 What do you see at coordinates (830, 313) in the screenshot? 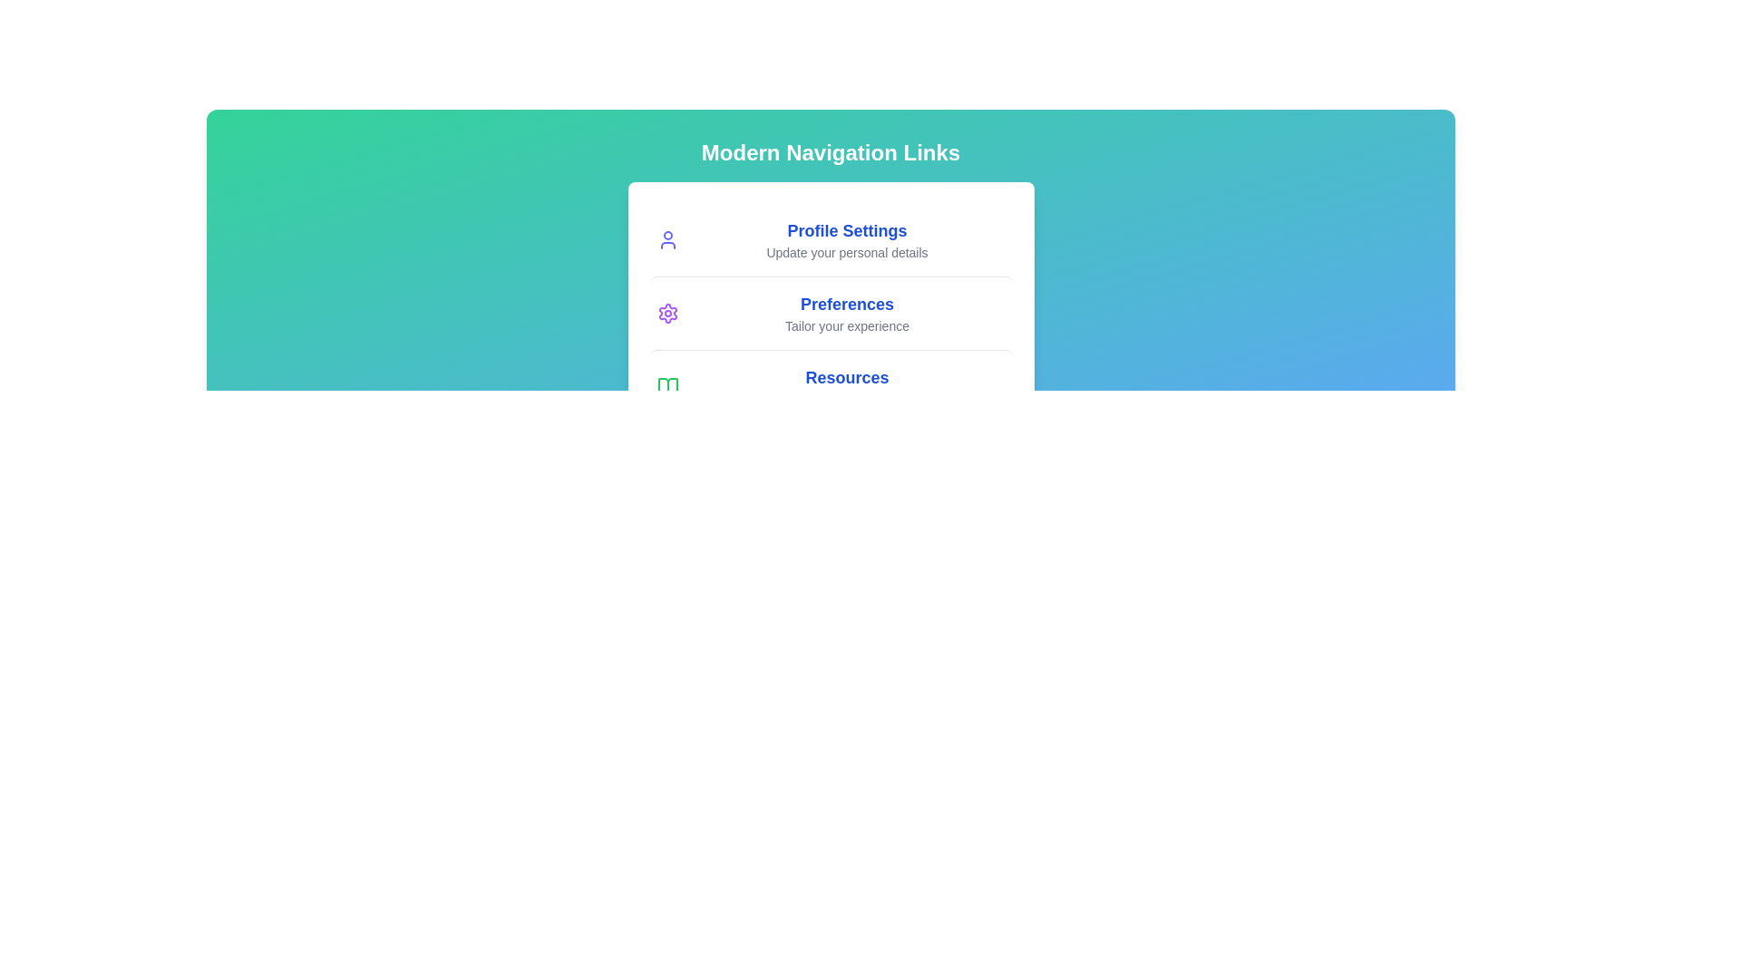
I see `the 'Preferences' button, which has a white background, rounded corners, and includes bold blue text with a settings gear icon` at bounding box center [830, 313].